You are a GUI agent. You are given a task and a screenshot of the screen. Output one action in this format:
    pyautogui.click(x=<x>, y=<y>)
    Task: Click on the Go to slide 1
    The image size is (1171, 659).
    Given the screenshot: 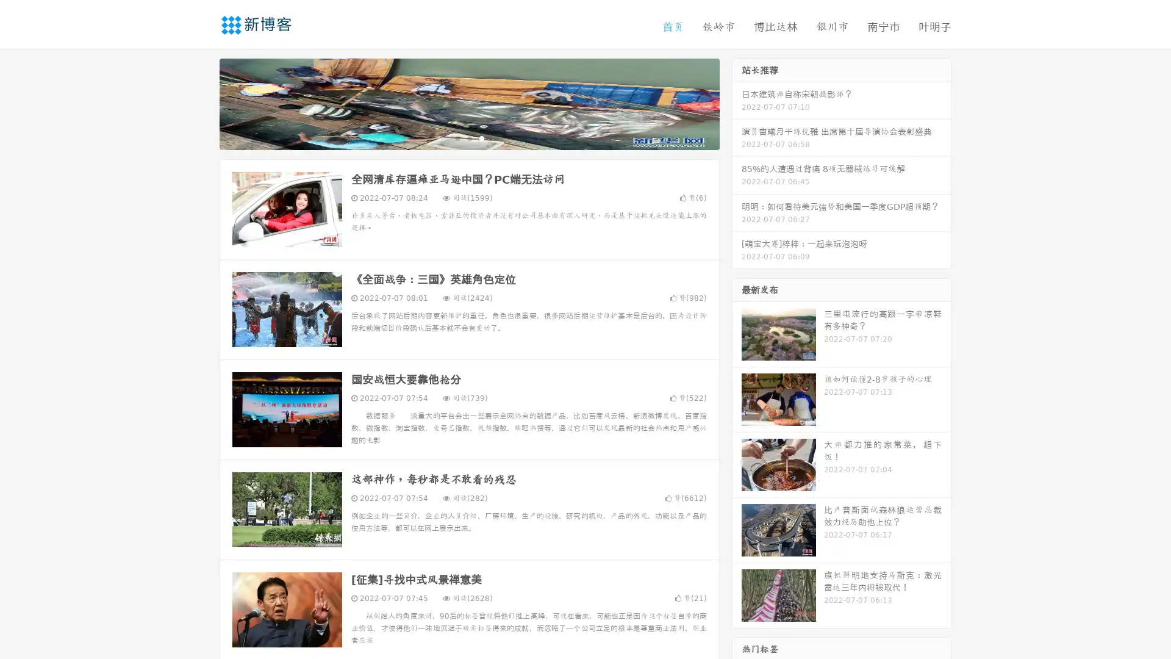 What is the action you would take?
    pyautogui.click(x=456, y=137)
    